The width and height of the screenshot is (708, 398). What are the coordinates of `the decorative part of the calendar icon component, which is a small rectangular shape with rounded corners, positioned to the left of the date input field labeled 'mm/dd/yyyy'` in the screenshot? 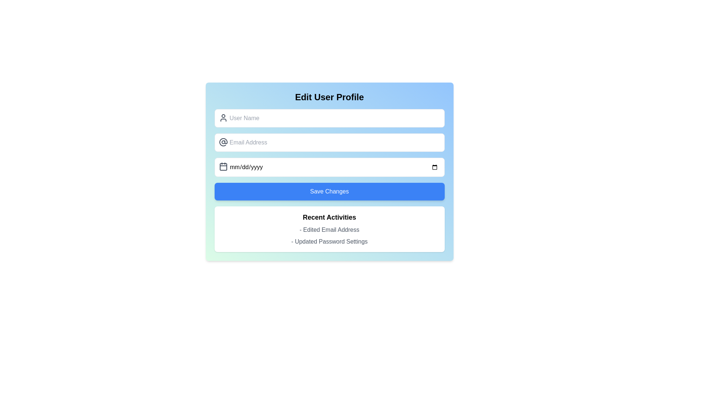 It's located at (223, 167).